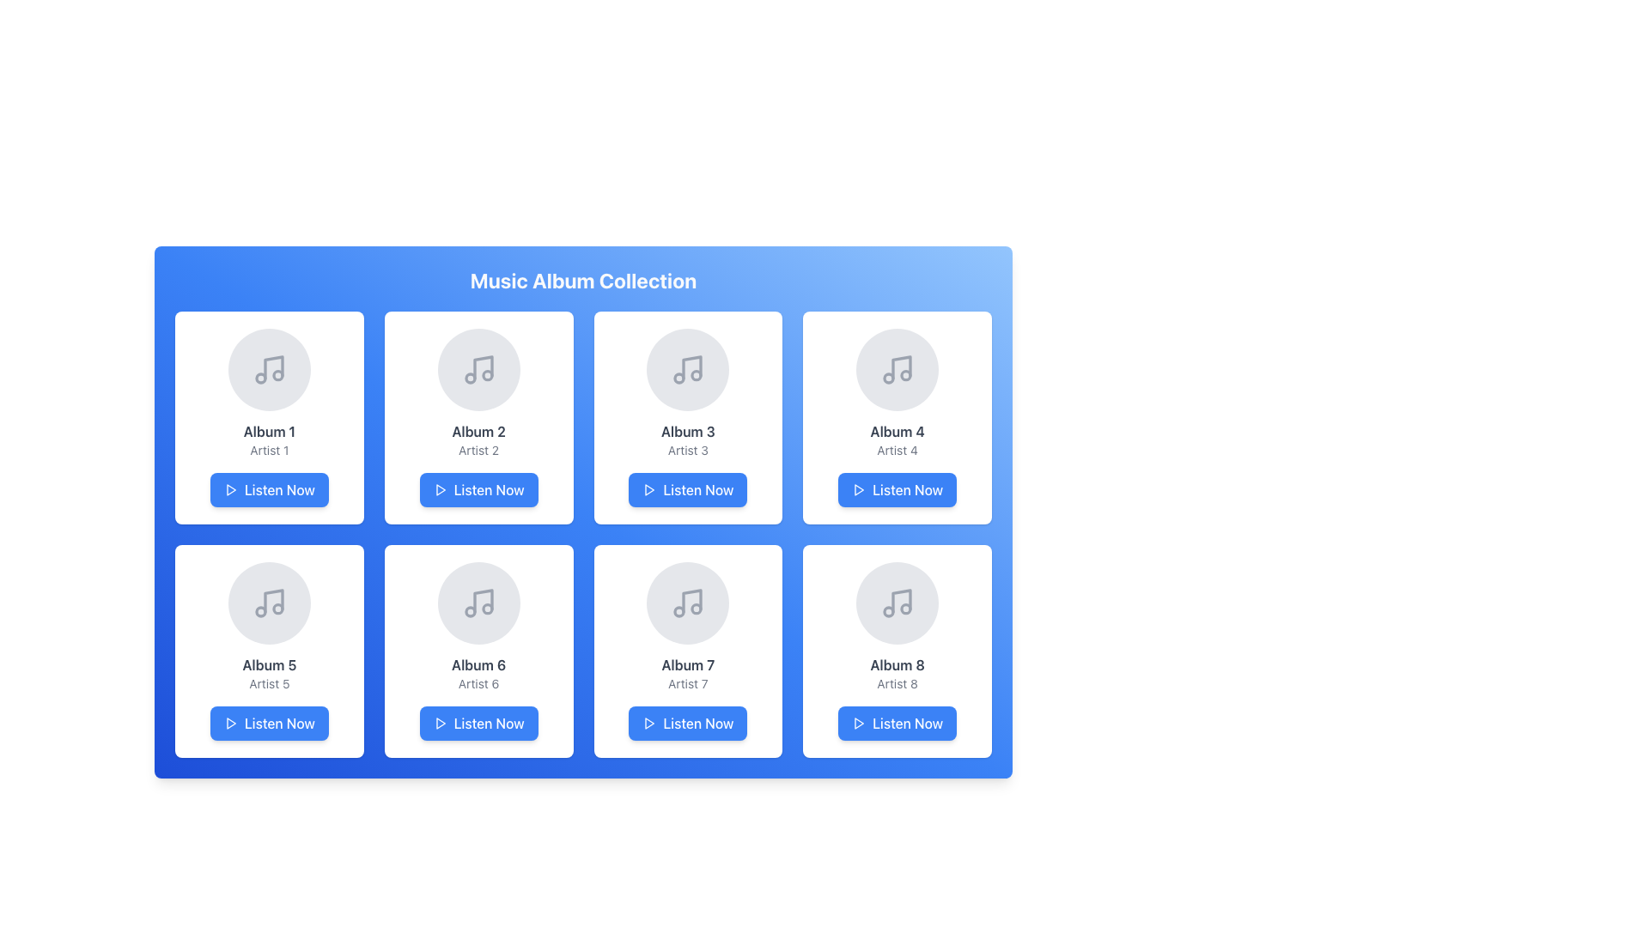 The image size is (1649, 927). Describe the element at coordinates (268, 683) in the screenshot. I see `the text label displaying the artist's name for 'Album 5', which is located directly below the album title and above the 'Listen Now' button` at that location.